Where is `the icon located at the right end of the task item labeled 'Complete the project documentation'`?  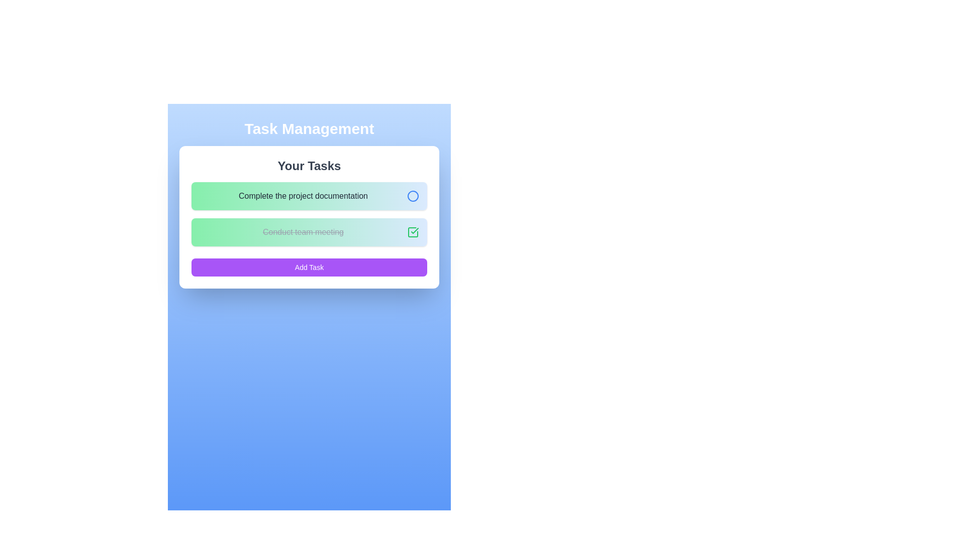
the icon located at the right end of the task item labeled 'Complete the project documentation' is located at coordinates (413, 196).